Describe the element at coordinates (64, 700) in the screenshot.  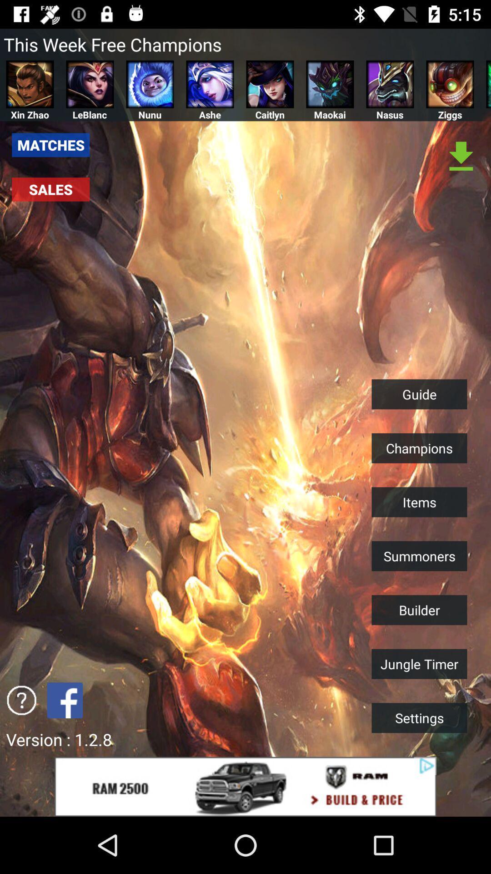
I see `visit facebook` at that location.